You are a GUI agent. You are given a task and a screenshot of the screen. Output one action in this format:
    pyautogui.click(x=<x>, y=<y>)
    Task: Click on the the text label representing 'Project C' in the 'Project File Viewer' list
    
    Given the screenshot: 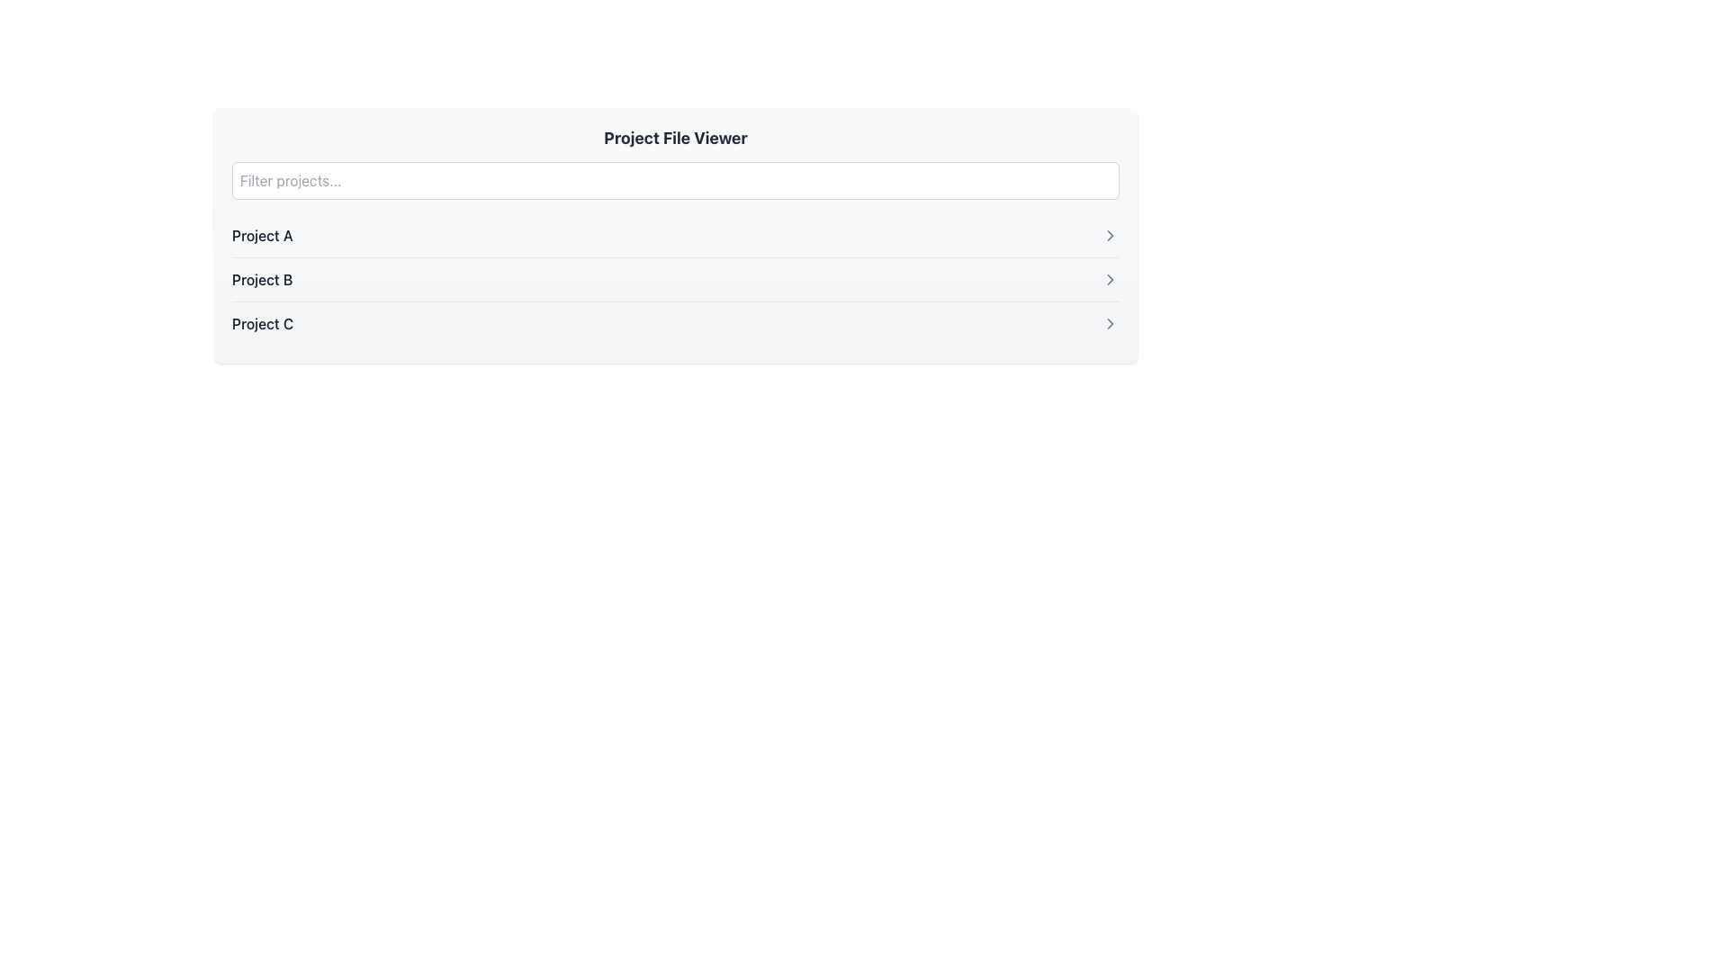 What is the action you would take?
    pyautogui.click(x=262, y=322)
    